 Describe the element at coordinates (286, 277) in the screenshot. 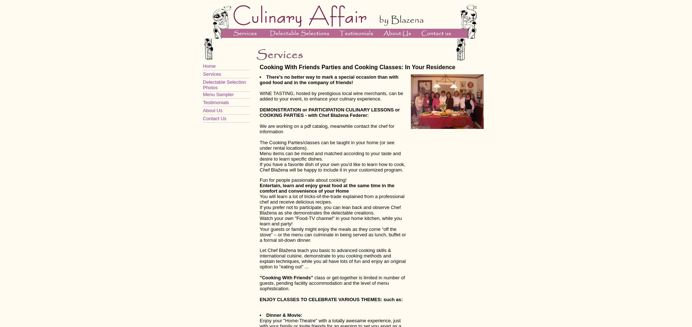

I see `'"Cooking With Friends"'` at that location.